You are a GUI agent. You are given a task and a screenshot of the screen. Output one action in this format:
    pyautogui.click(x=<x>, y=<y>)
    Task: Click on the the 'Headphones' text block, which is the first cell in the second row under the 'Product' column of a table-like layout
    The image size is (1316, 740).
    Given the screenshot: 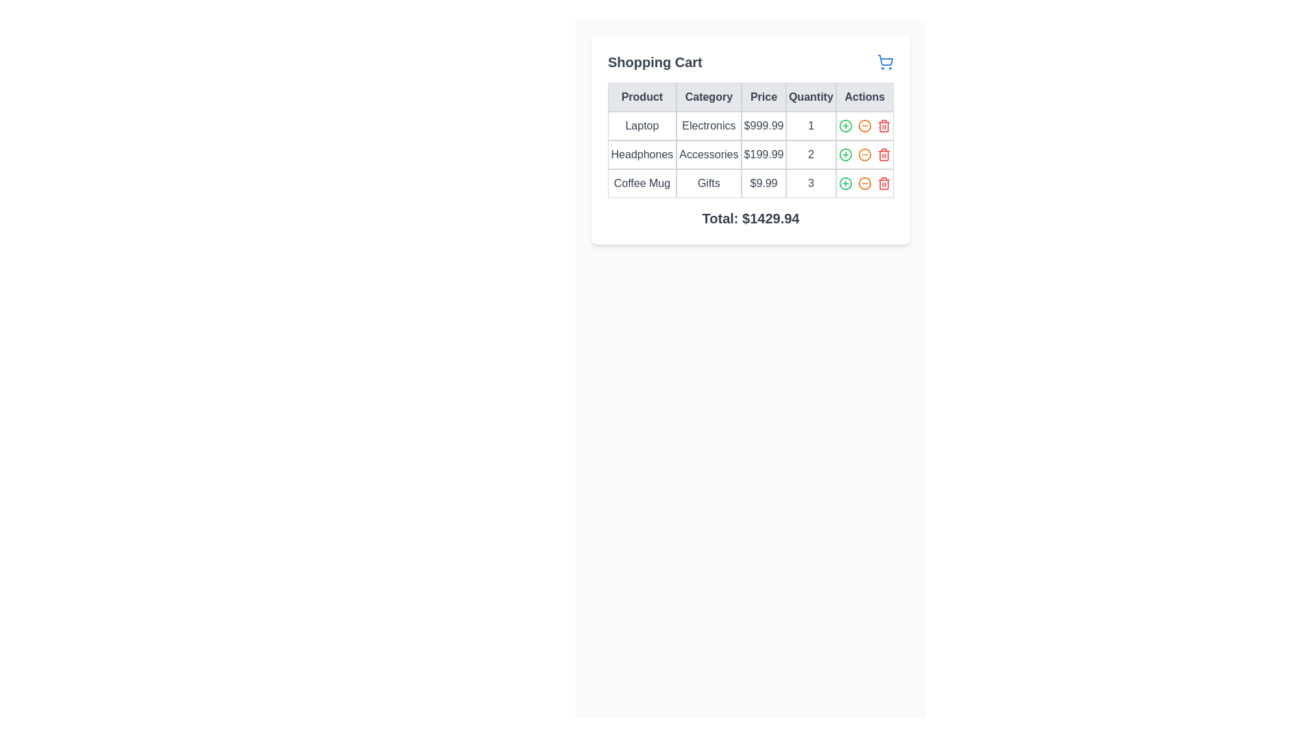 What is the action you would take?
    pyautogui.click(x=641, y=154)
    